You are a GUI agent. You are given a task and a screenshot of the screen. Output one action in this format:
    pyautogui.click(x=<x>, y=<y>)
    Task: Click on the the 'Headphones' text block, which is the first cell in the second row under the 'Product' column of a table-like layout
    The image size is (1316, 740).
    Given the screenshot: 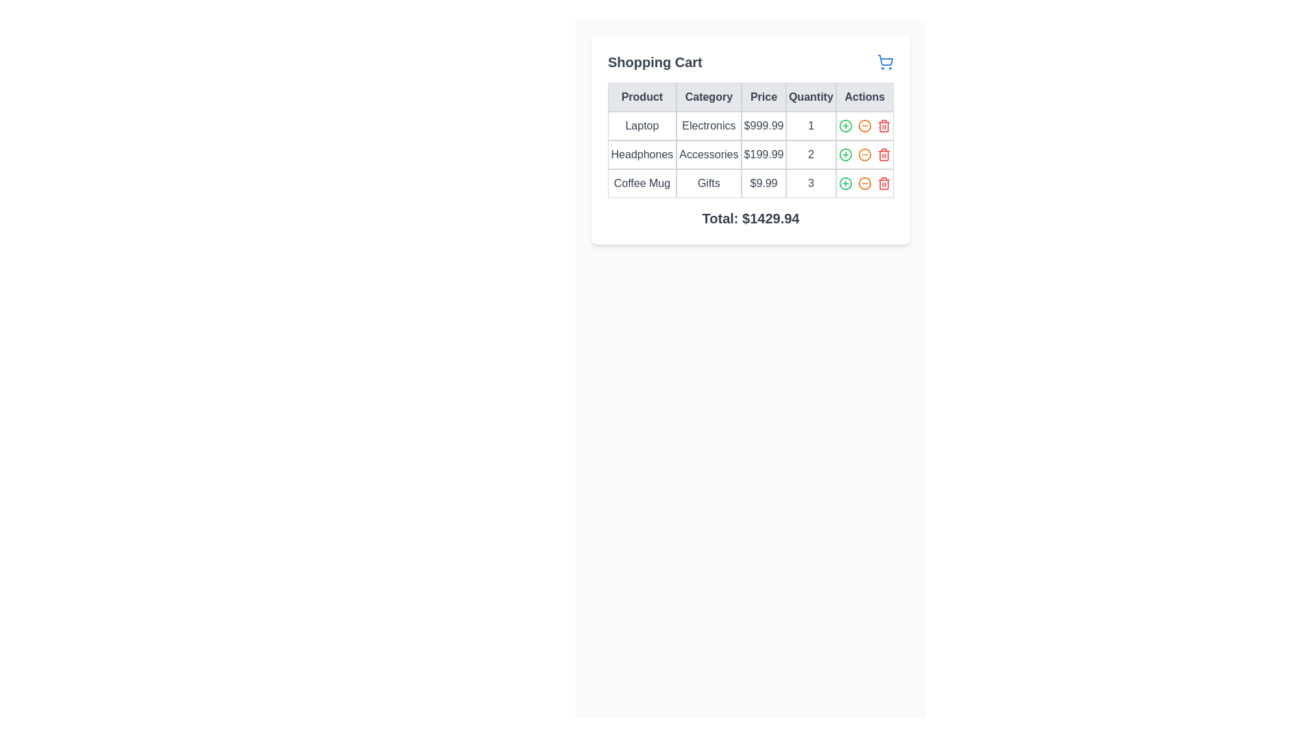 What is the action you would take?
    pyautogui.click(x=641, y=154)
    